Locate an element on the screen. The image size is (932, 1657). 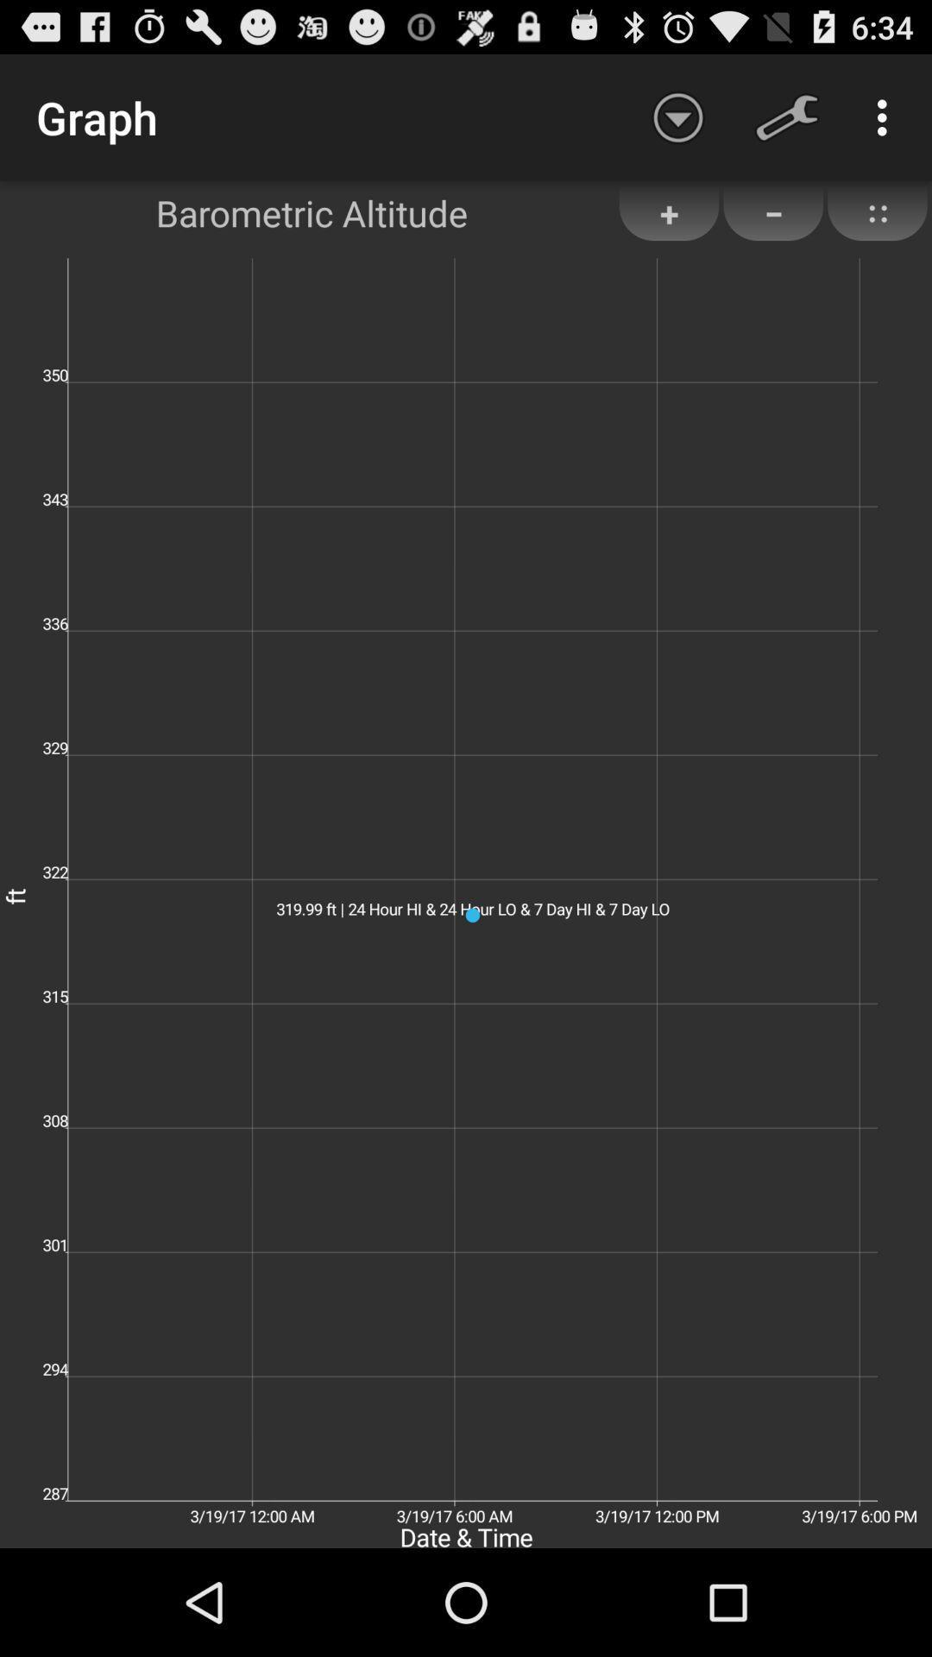
the icon to the right of barometric altitude item is located at coordinates (677, 117).